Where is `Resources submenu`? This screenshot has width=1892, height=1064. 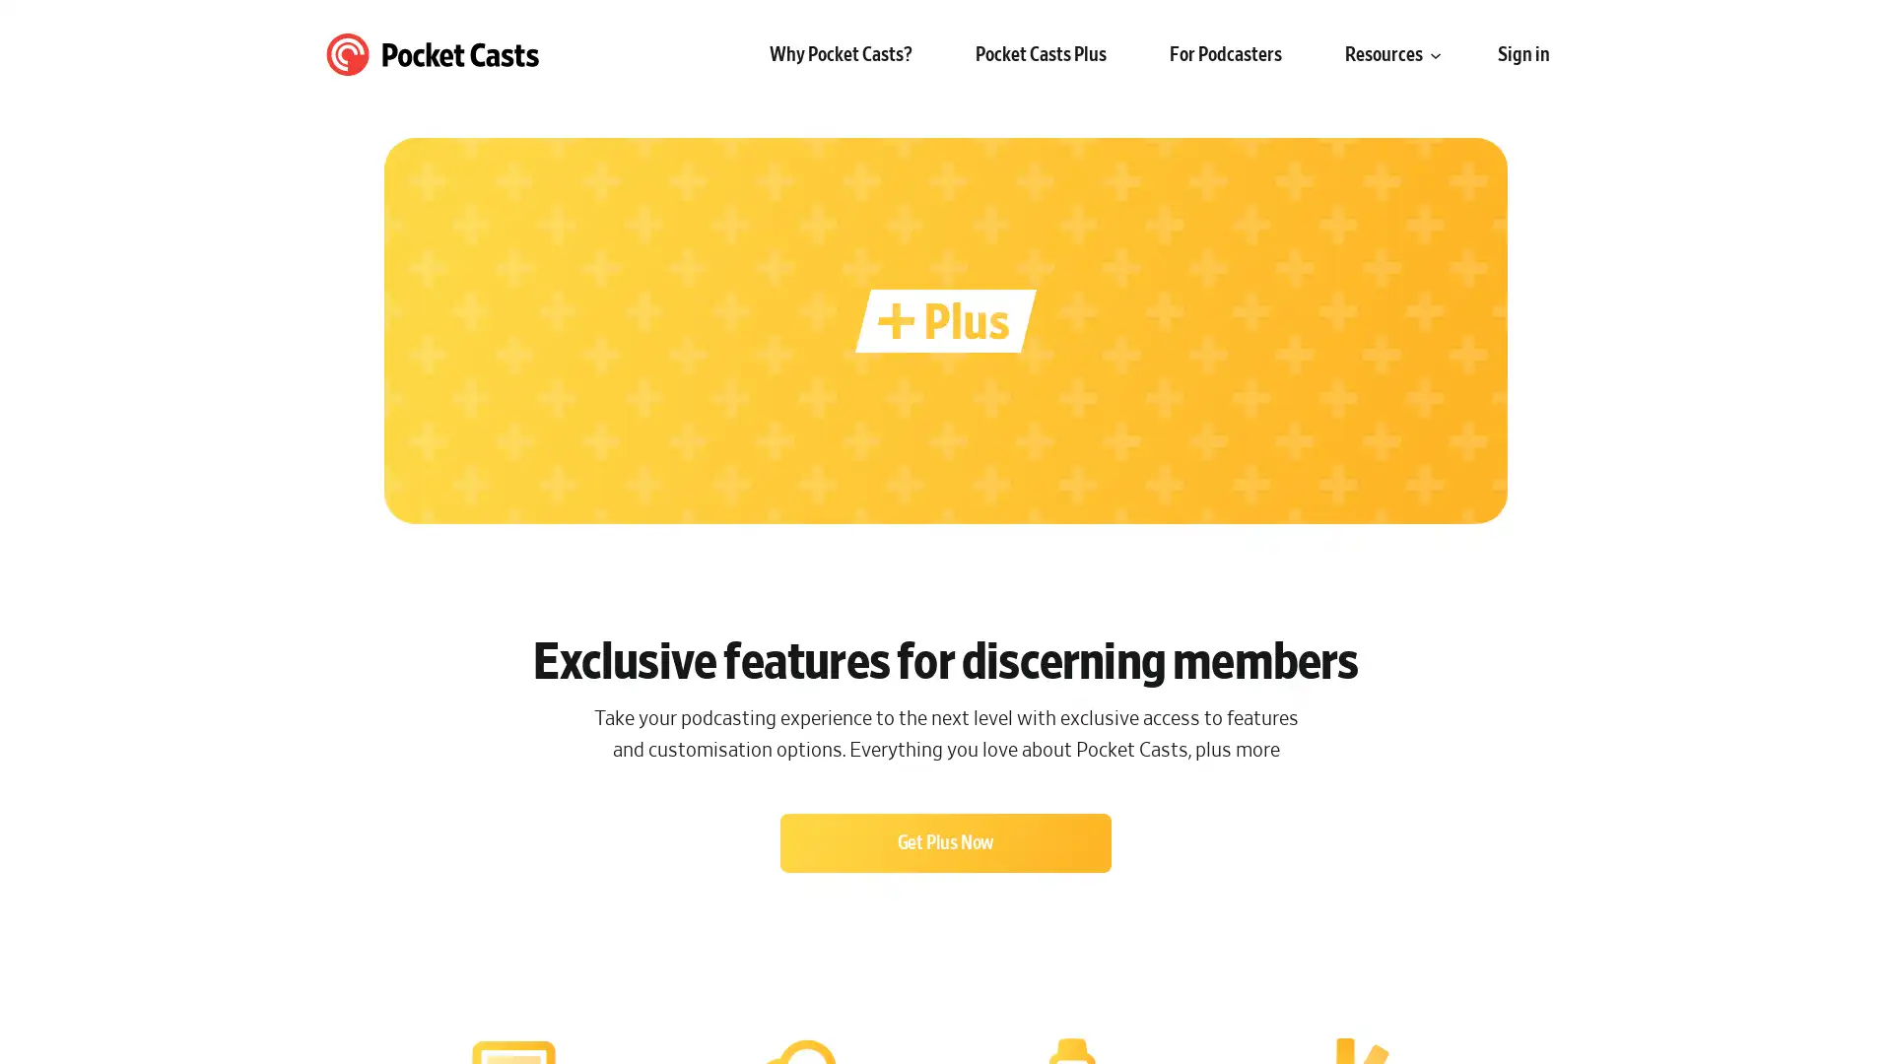 Resources submenu is located at coordinates (1383, 52).